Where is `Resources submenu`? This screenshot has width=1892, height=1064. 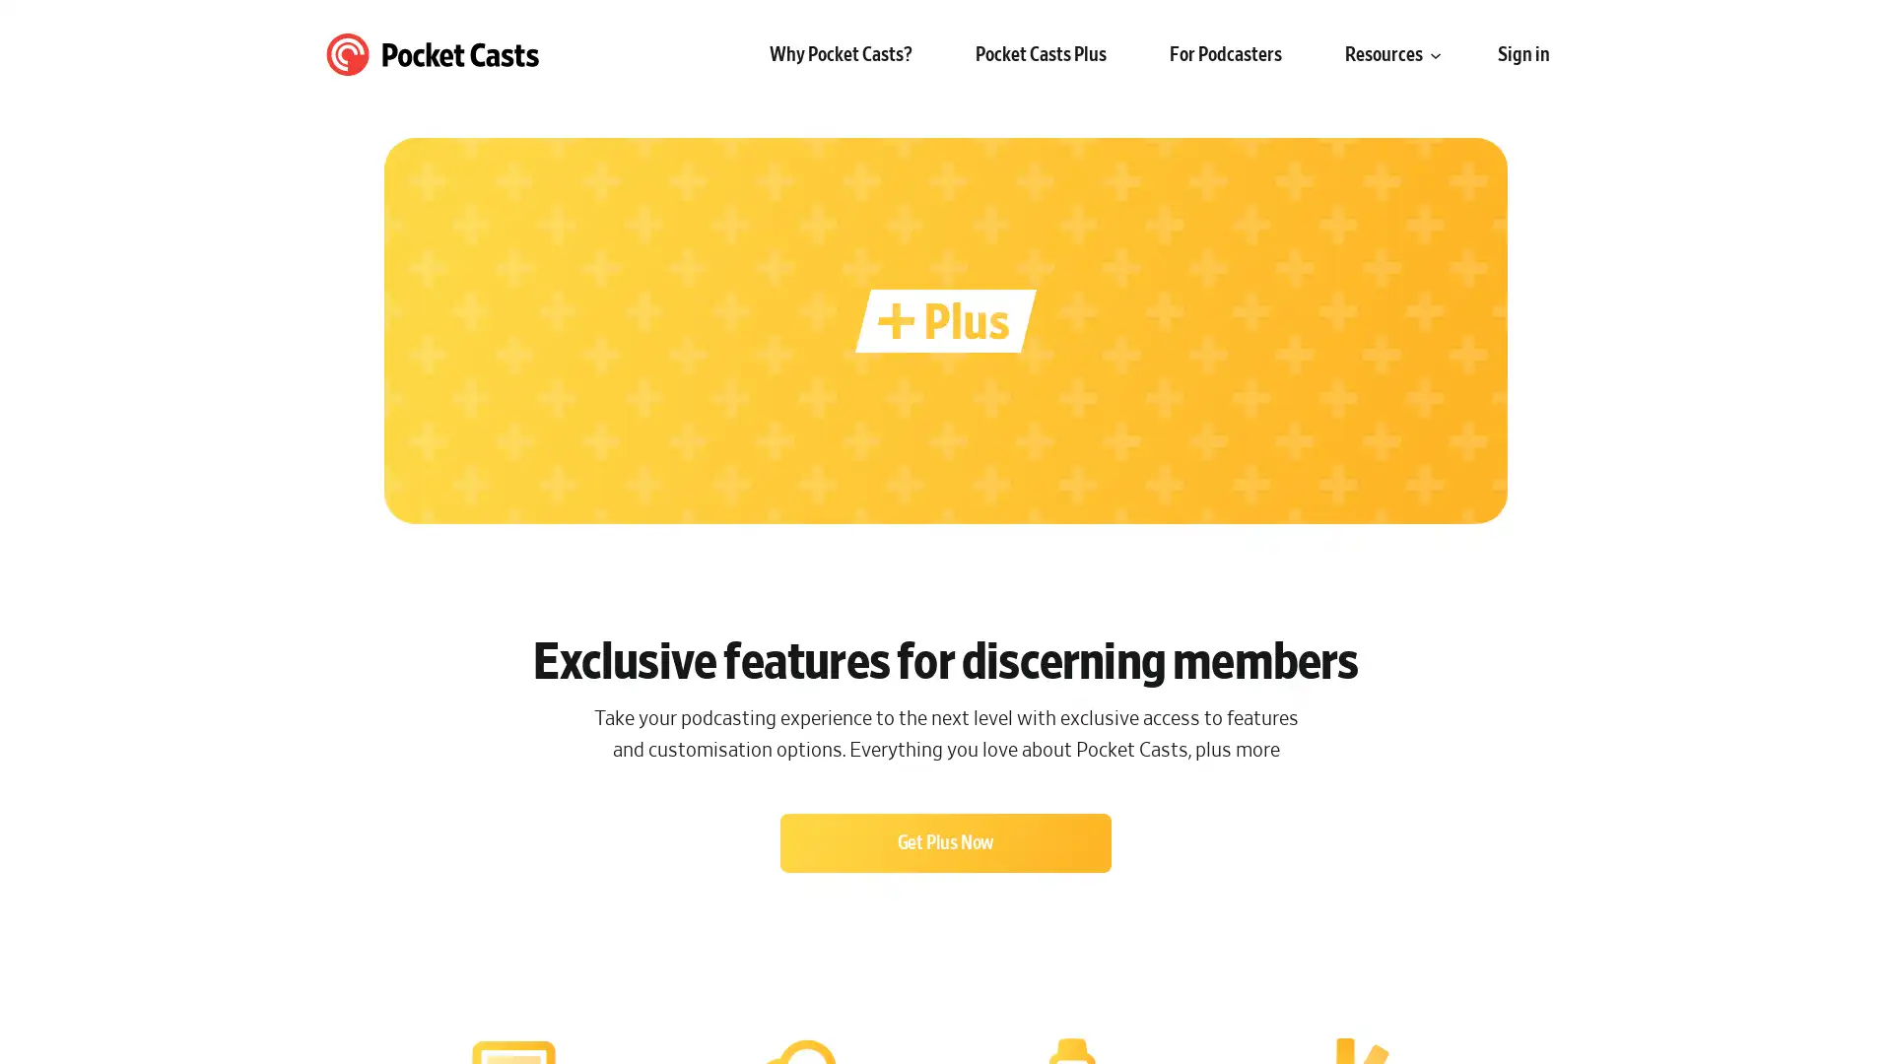 Resources submenu is located at coordinates (1383, 52).